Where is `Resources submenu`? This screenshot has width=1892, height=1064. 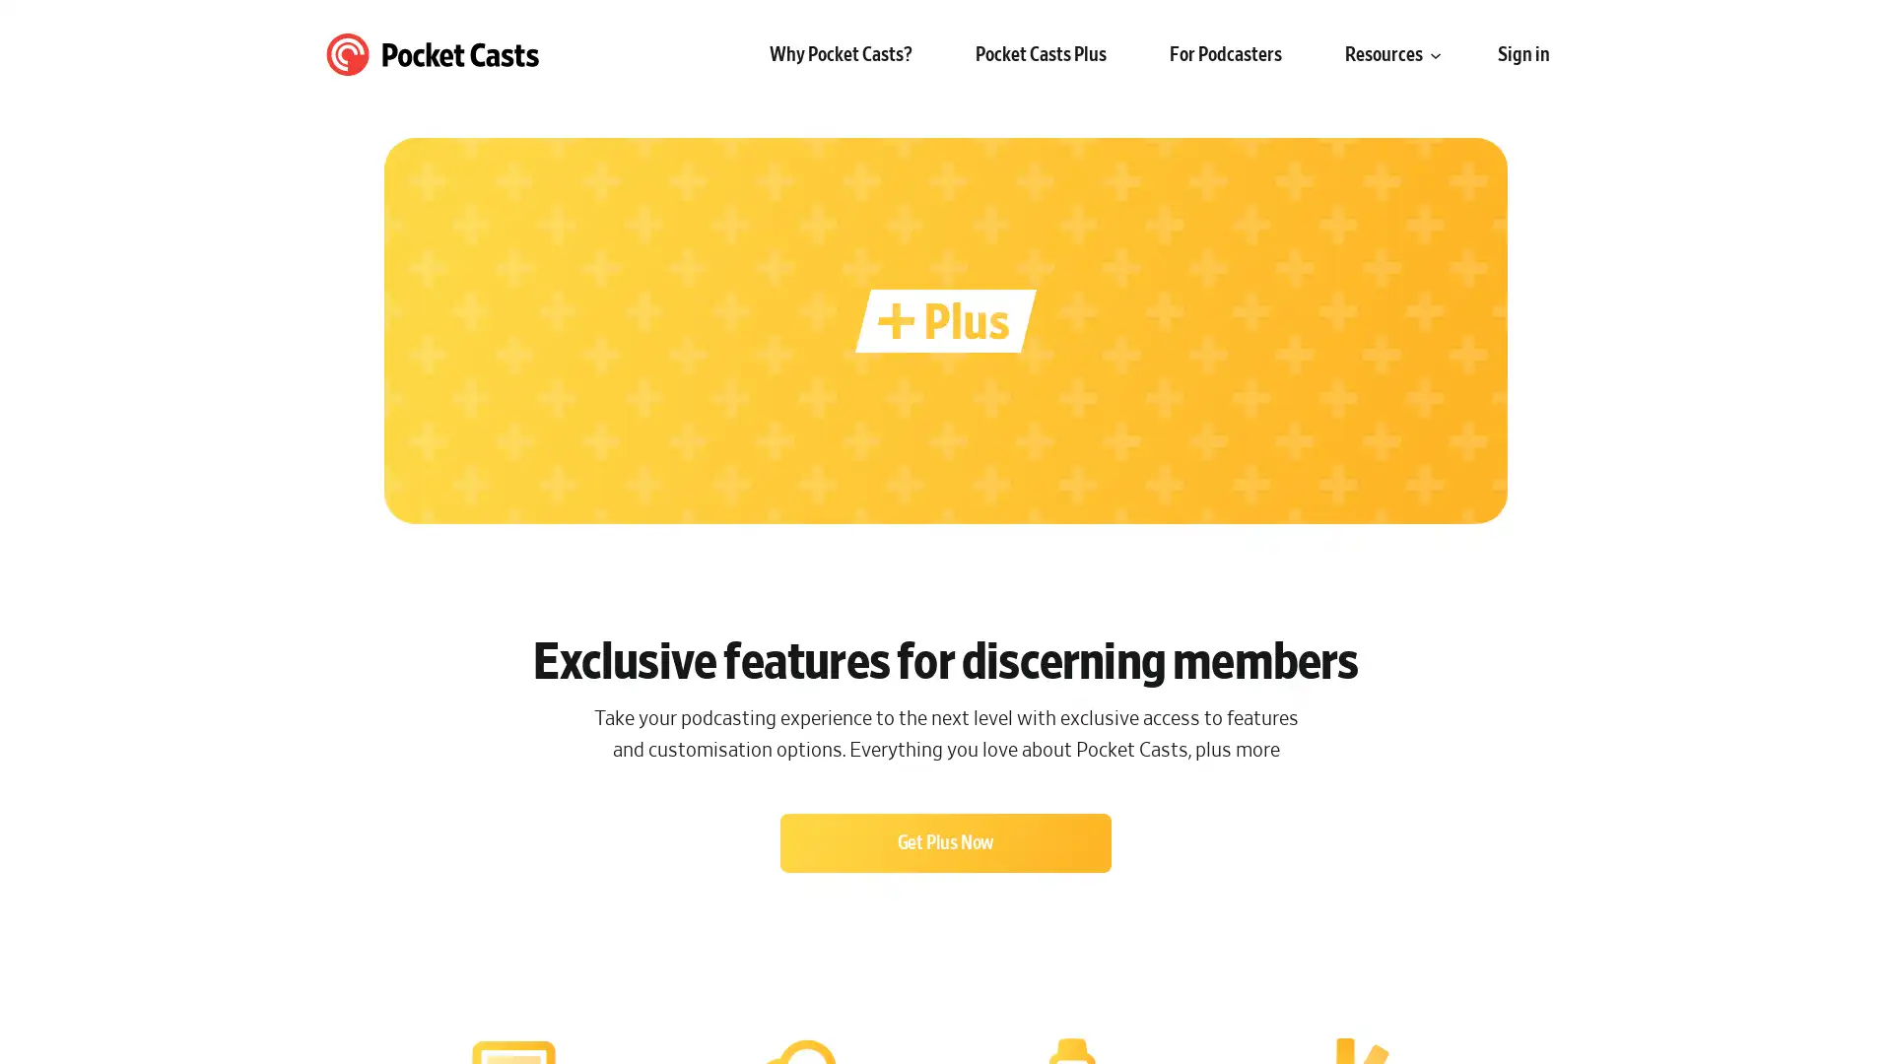 Resources submenu is located at coordinates (1383, 52).